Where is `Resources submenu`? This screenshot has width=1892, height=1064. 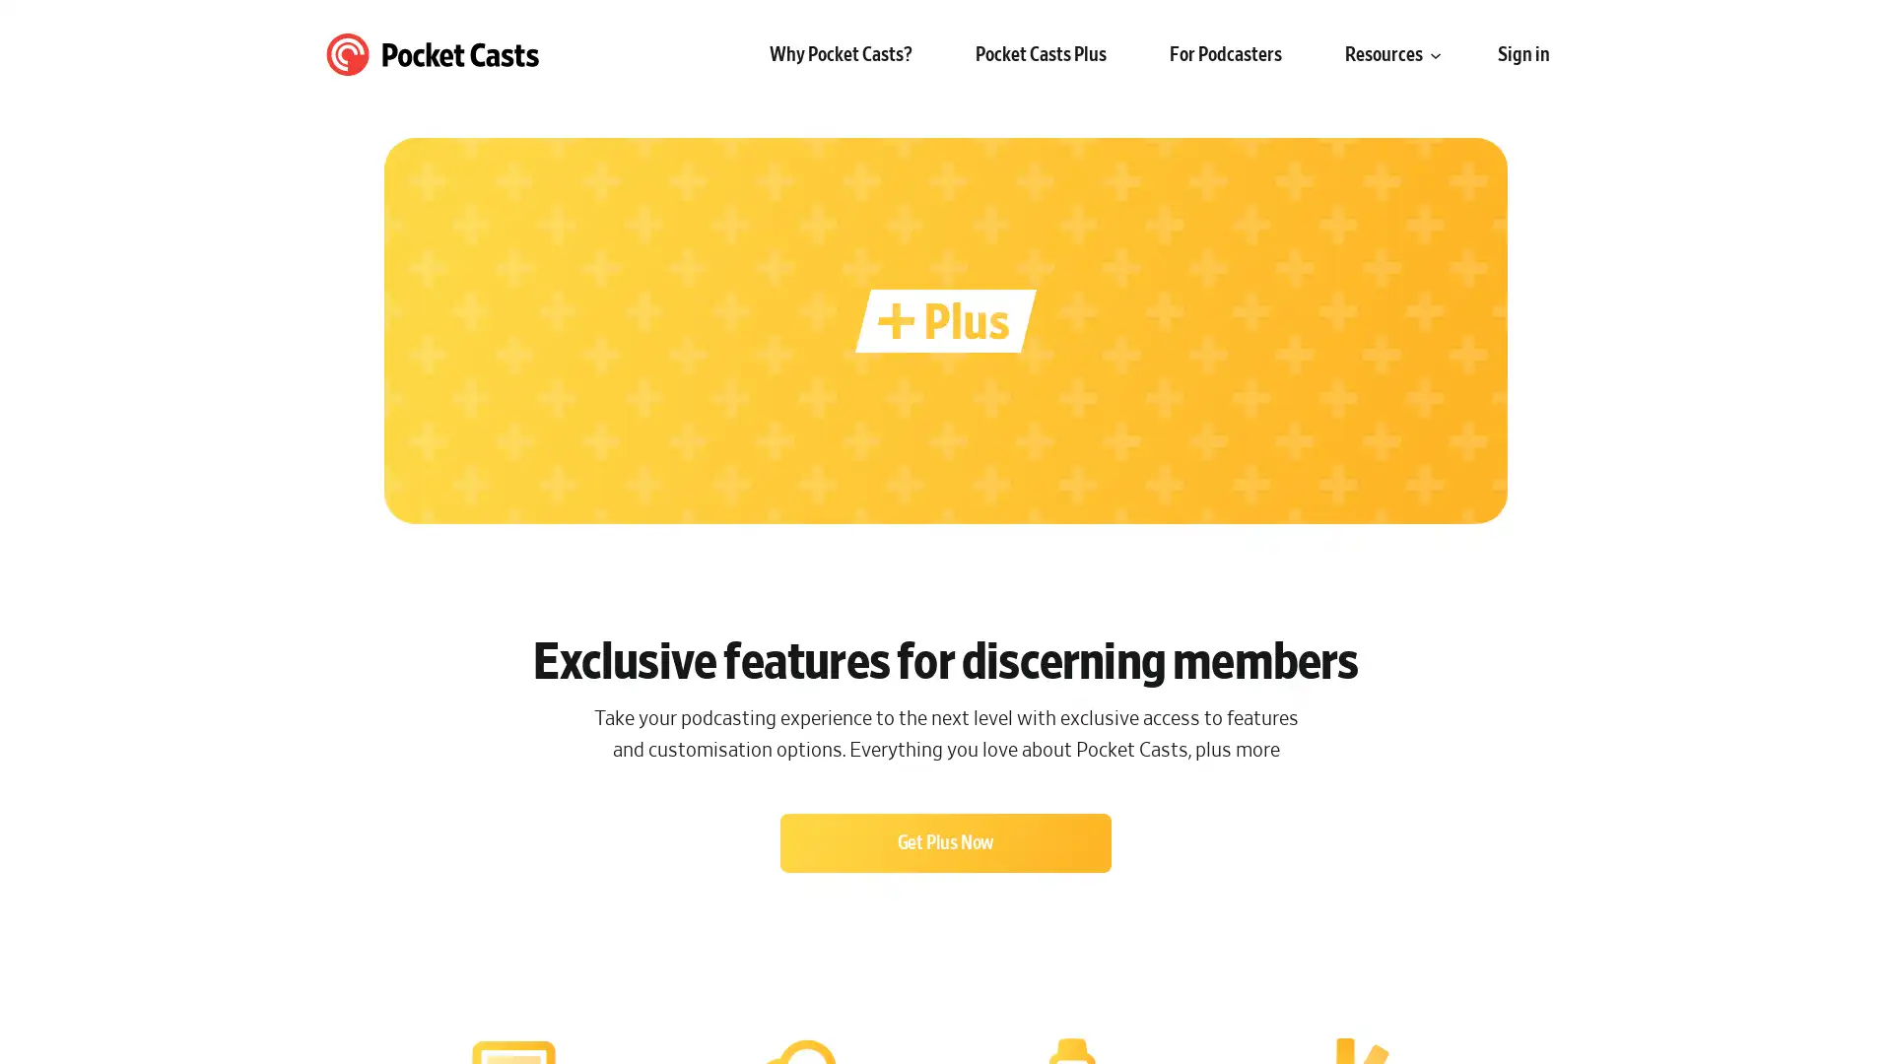 Resources submenu is located at coordinates (1383, 52).